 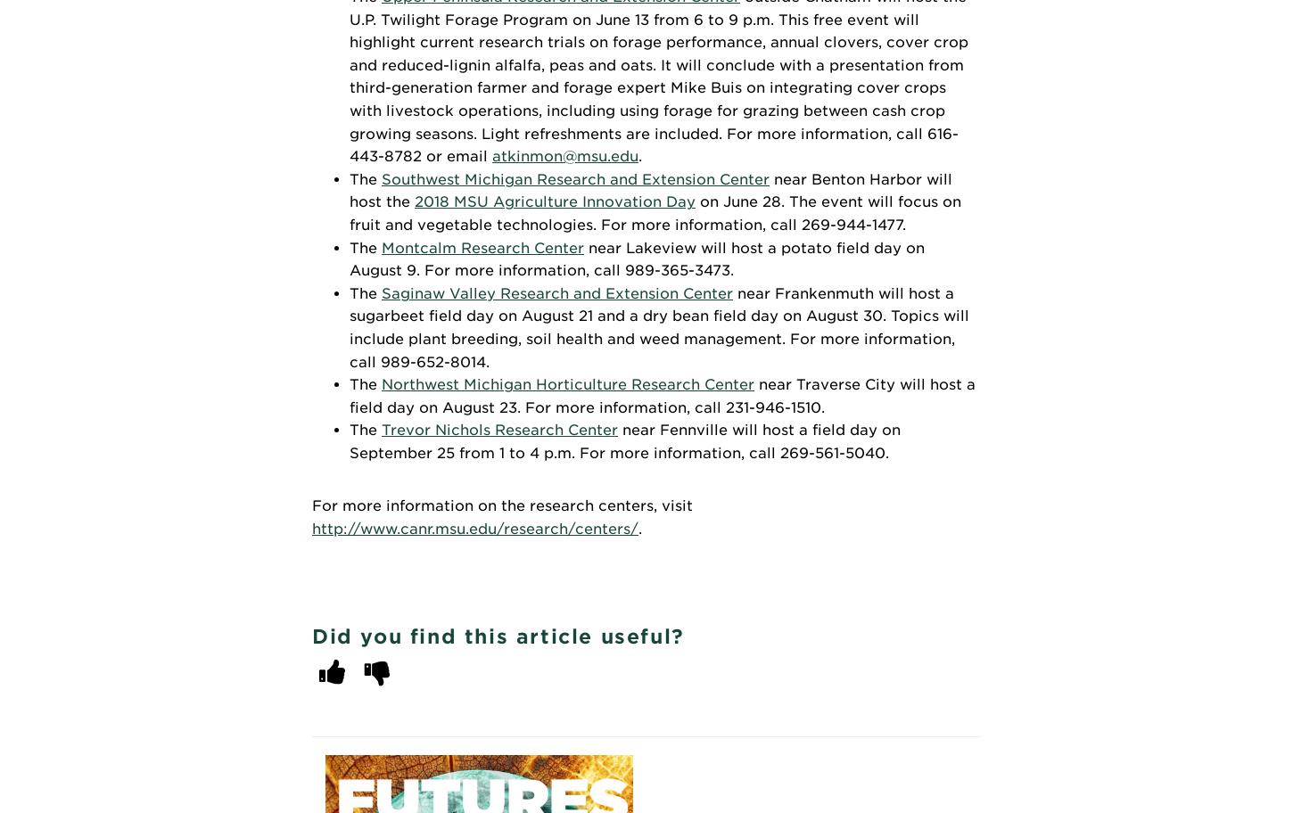 What do you see at coordinates (381, 246) in the screenshot?
I see `'Montcalm Research Center'` at bounding box center [381, 246].